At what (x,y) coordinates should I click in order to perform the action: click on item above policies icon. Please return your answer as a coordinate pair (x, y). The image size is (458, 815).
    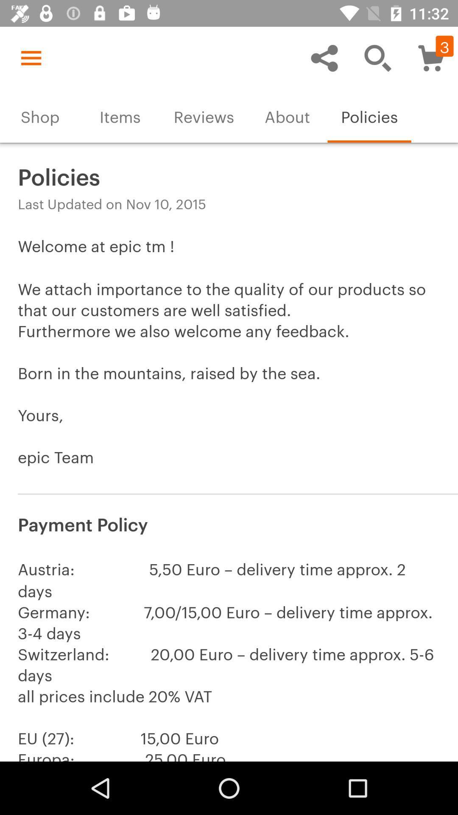
    Looking at the image, I should click on (377, 57).